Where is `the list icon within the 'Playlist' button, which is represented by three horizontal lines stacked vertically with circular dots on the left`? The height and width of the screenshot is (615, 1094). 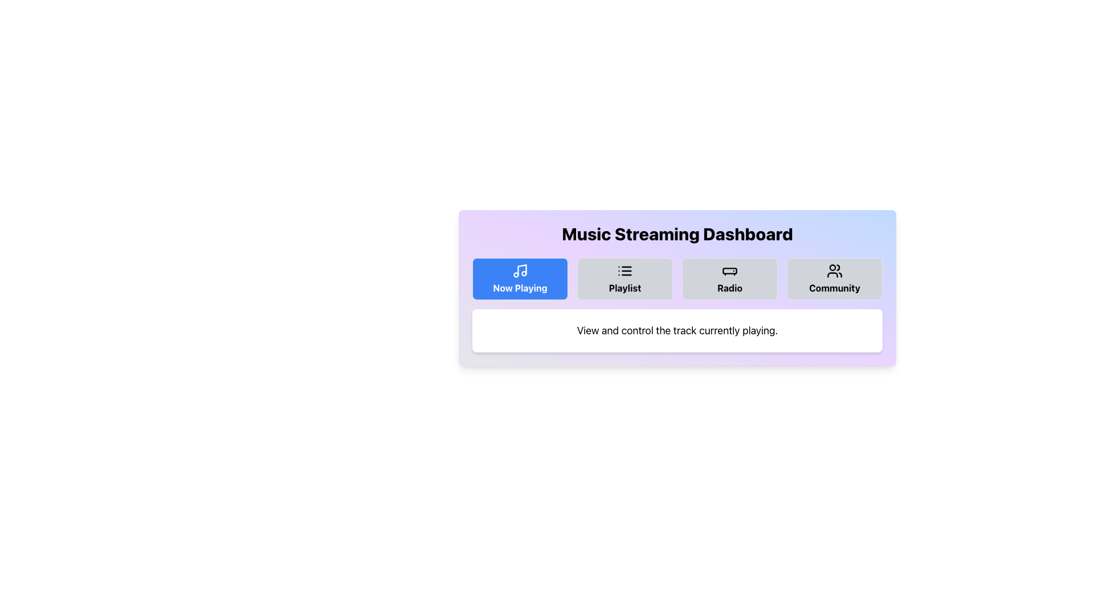
the list icon within the 'Playlist' button, which is represented by three horizontal lines stacked vertically with circular dots on the left is located at coordinates (624, 270).